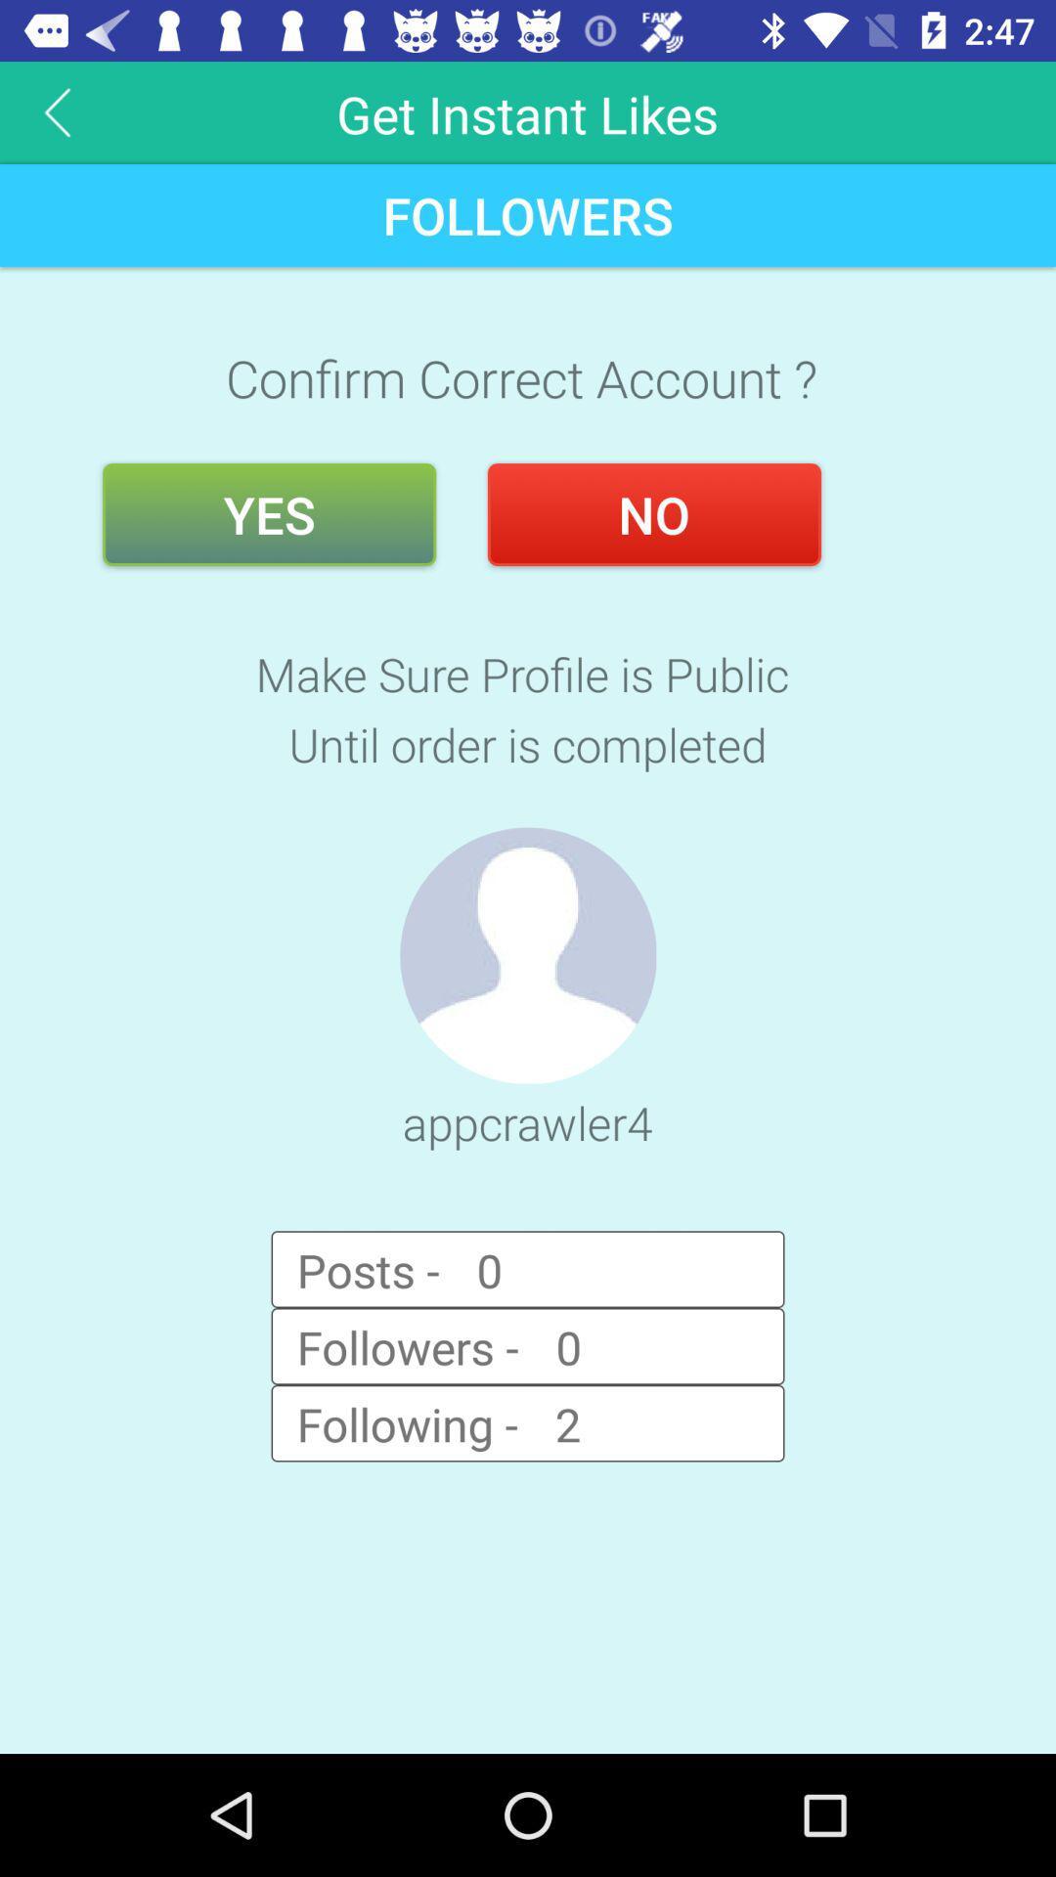 This screenshot has height=1877, width=1056. What do you see at coordinates (654, 514) in the screenshot?
I see `app below confirm correct account ?  icon` at bounding box center [654, 514].